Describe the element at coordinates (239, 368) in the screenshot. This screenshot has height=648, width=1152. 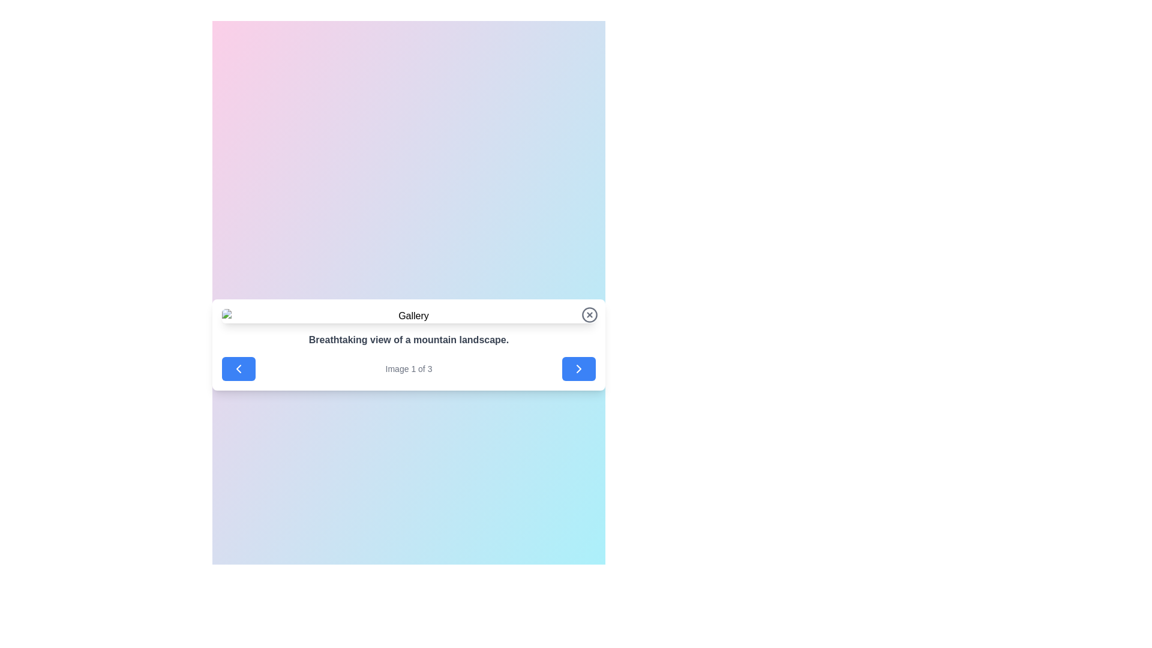
I see `the left-pointing chevron icon` at that location.